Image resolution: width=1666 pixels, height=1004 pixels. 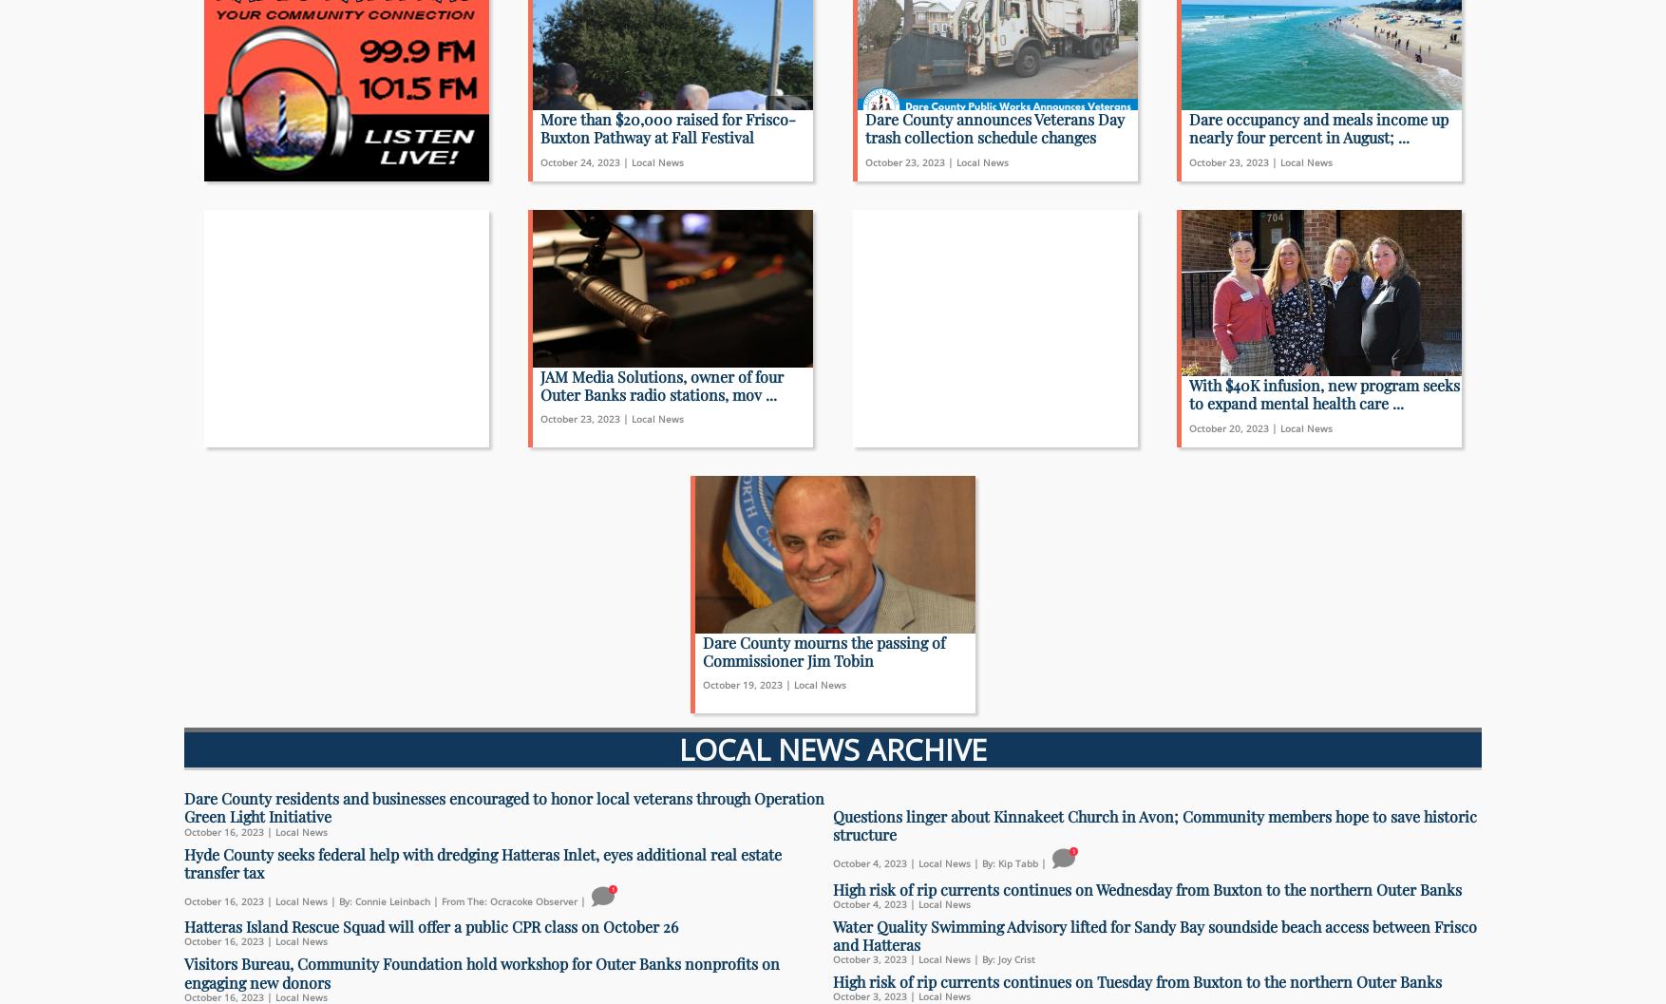 I want to click on 'Dare County residents and businesses encouraged to honor local veterans through Operation Green Light Initiative', so click(x=503, y=806).